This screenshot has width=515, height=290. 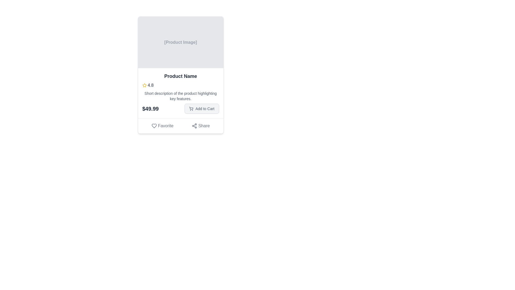 What do you see at coordinates (150, 109) in the screenshot?
I see `the static text label displaying the price '$49.99', which is prominently styled in bold text with a large font size and dark gray color, located to the left of the 'Add to Cart' button` at bounding box center [150, 109].